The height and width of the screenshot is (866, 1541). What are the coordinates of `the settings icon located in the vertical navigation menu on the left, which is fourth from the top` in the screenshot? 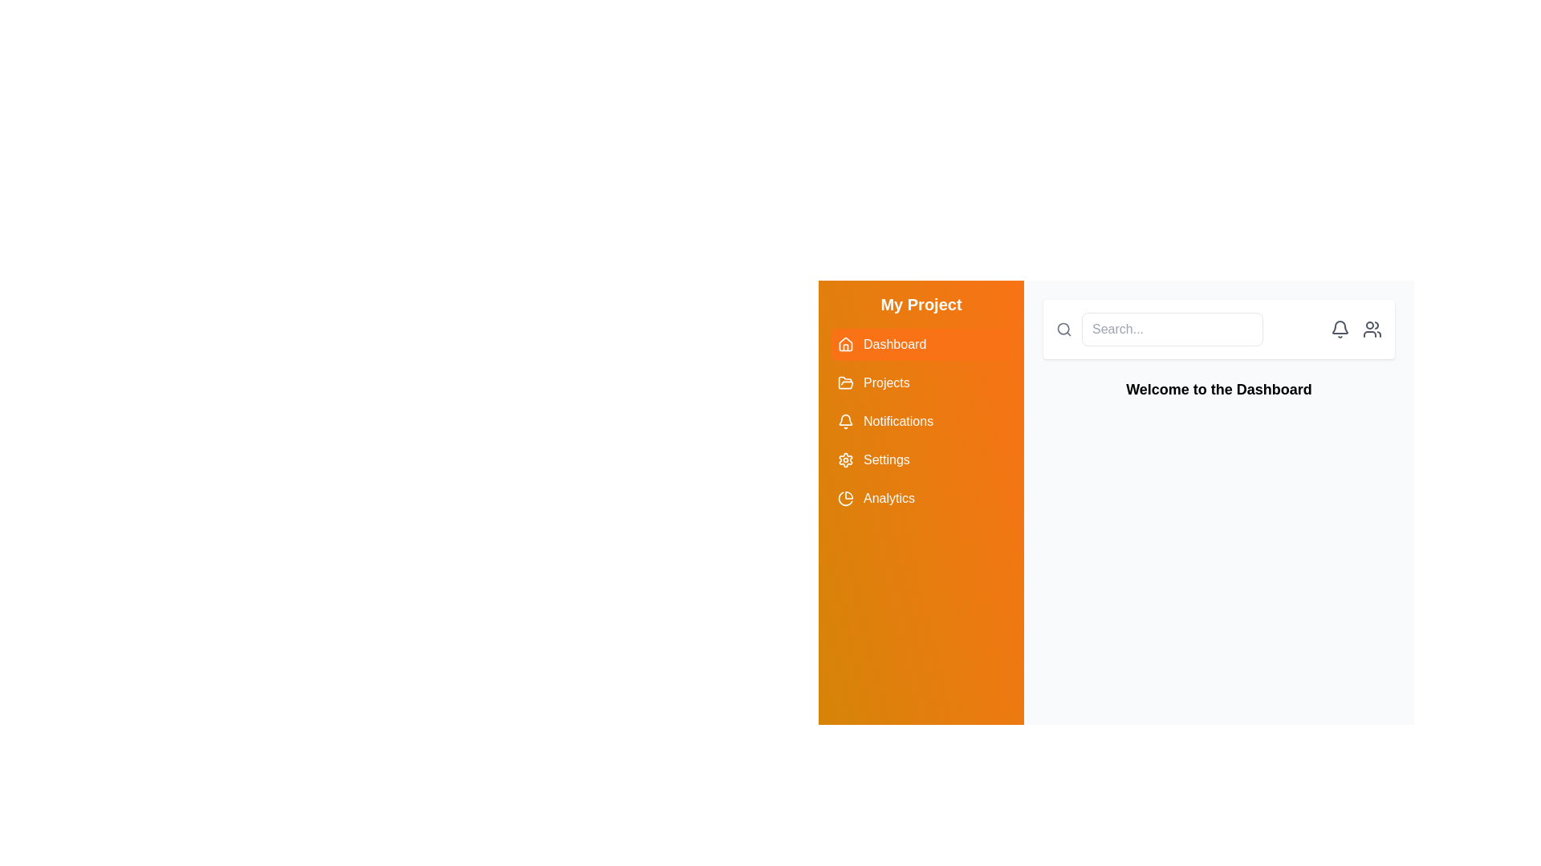 It's located at (845, 460).